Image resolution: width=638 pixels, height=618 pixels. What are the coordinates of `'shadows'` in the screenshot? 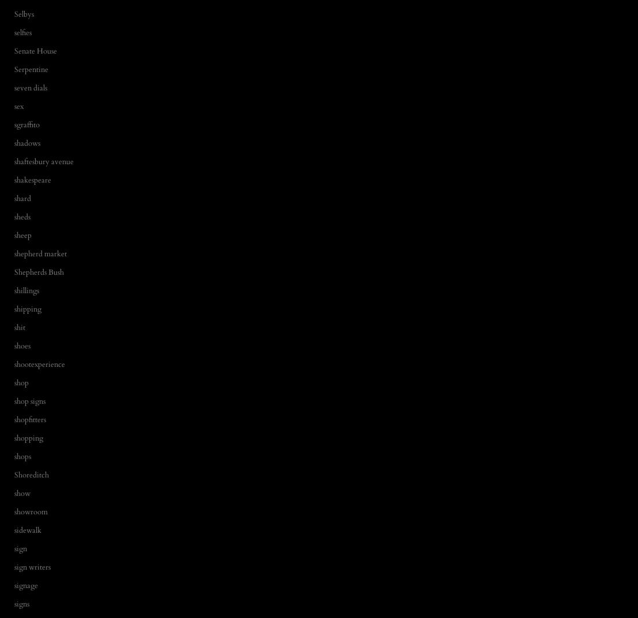 It's located at (26, 142).